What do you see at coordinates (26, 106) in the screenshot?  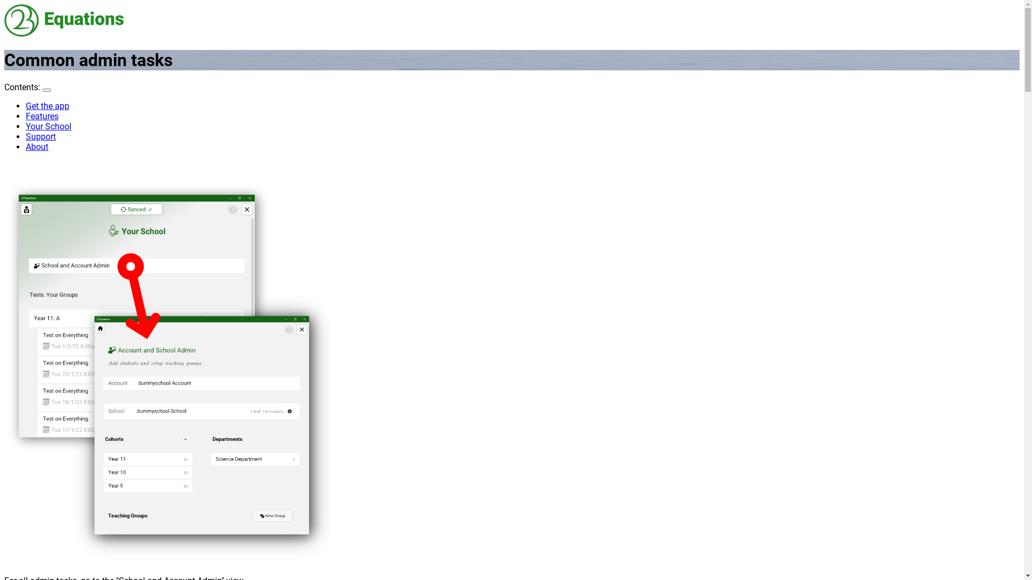 I see `'Get the app'` at bounding box center [26, 106].